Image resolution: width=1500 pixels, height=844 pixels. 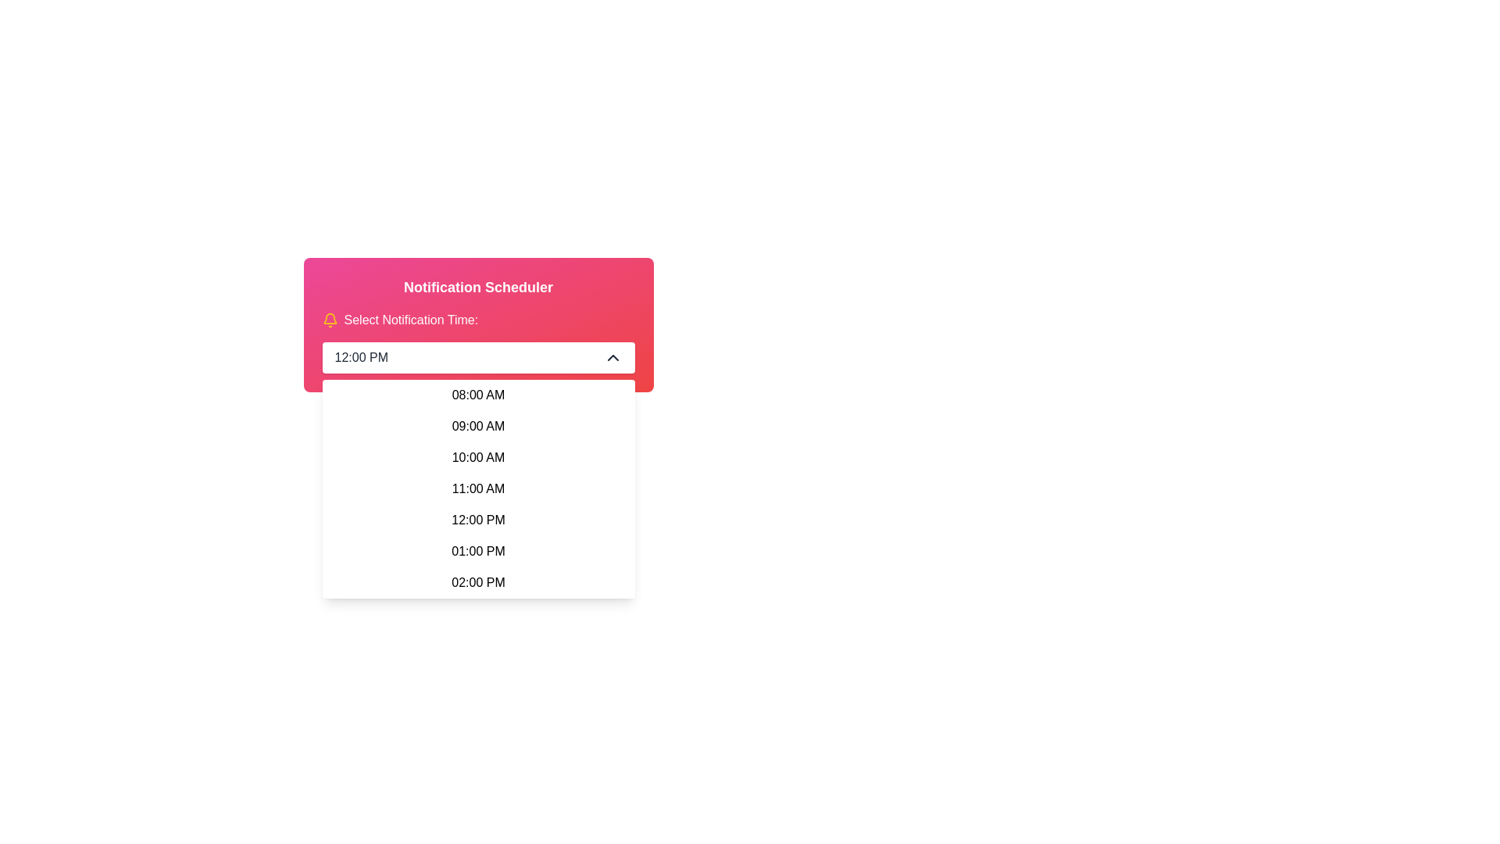 I want to click on the selectable time option in the dropdown menu, which is the third item between '09:00 AM' and '11:00 AM', so click(x=477, y=457).